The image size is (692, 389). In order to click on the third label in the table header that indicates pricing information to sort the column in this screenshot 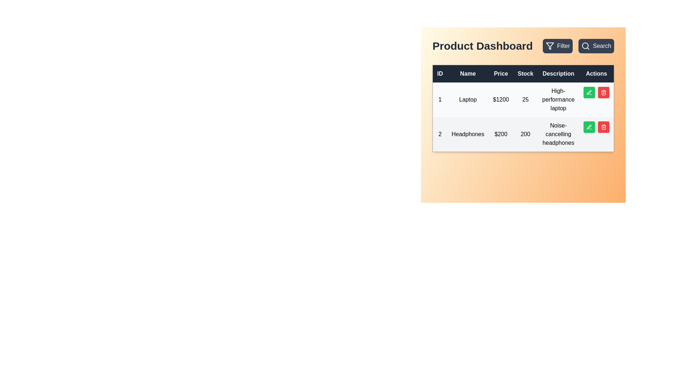, I will do `click(501, 73)`.